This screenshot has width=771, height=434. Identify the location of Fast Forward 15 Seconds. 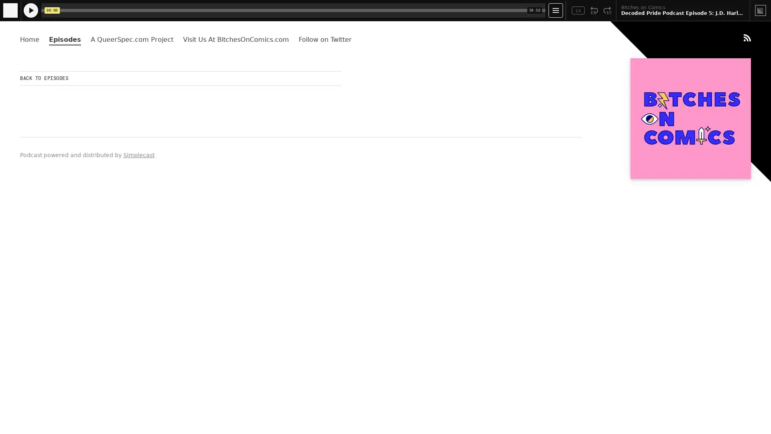
(607, 10).